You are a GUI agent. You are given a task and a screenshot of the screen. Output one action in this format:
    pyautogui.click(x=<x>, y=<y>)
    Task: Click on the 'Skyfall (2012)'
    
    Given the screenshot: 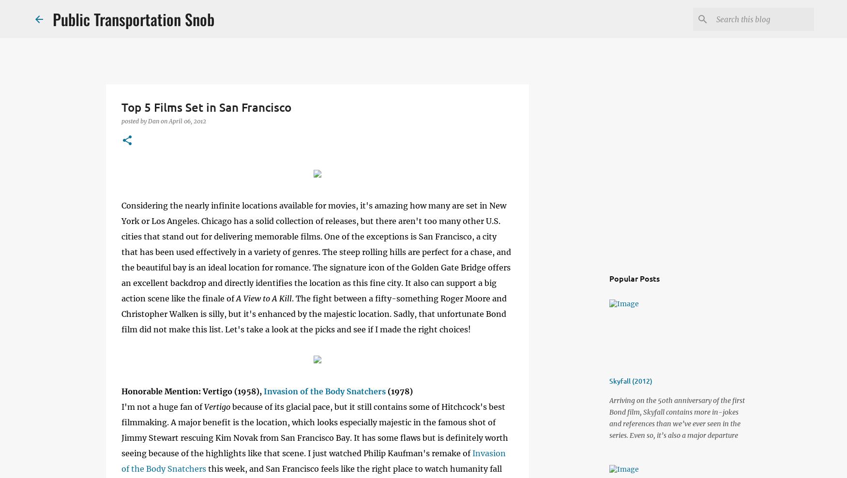 What is the action you would take?
    pyautogui.click(x=630, y=380)
    